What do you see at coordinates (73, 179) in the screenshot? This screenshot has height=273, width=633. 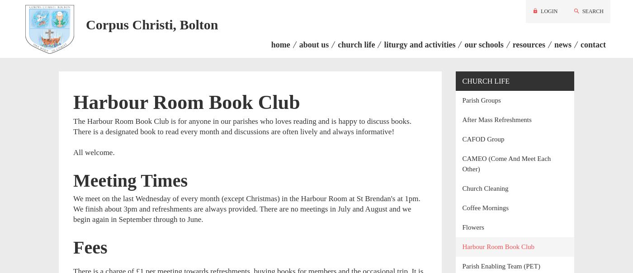 I see `'Meeting Times'` at bounding box center [73, 179].